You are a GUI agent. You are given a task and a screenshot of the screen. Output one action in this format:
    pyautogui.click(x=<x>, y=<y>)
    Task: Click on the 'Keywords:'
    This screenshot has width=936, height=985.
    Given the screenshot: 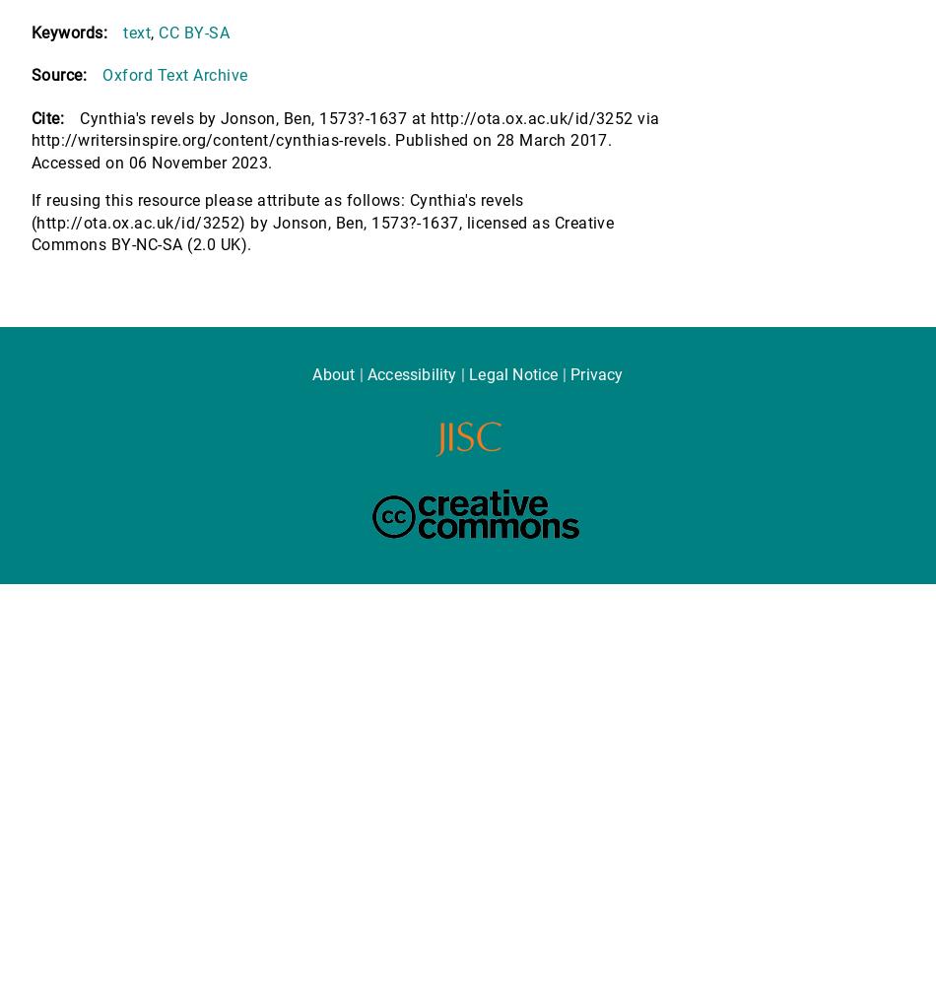 What is the action you would take?
    pyautogui.click(x=69, y=32)
    